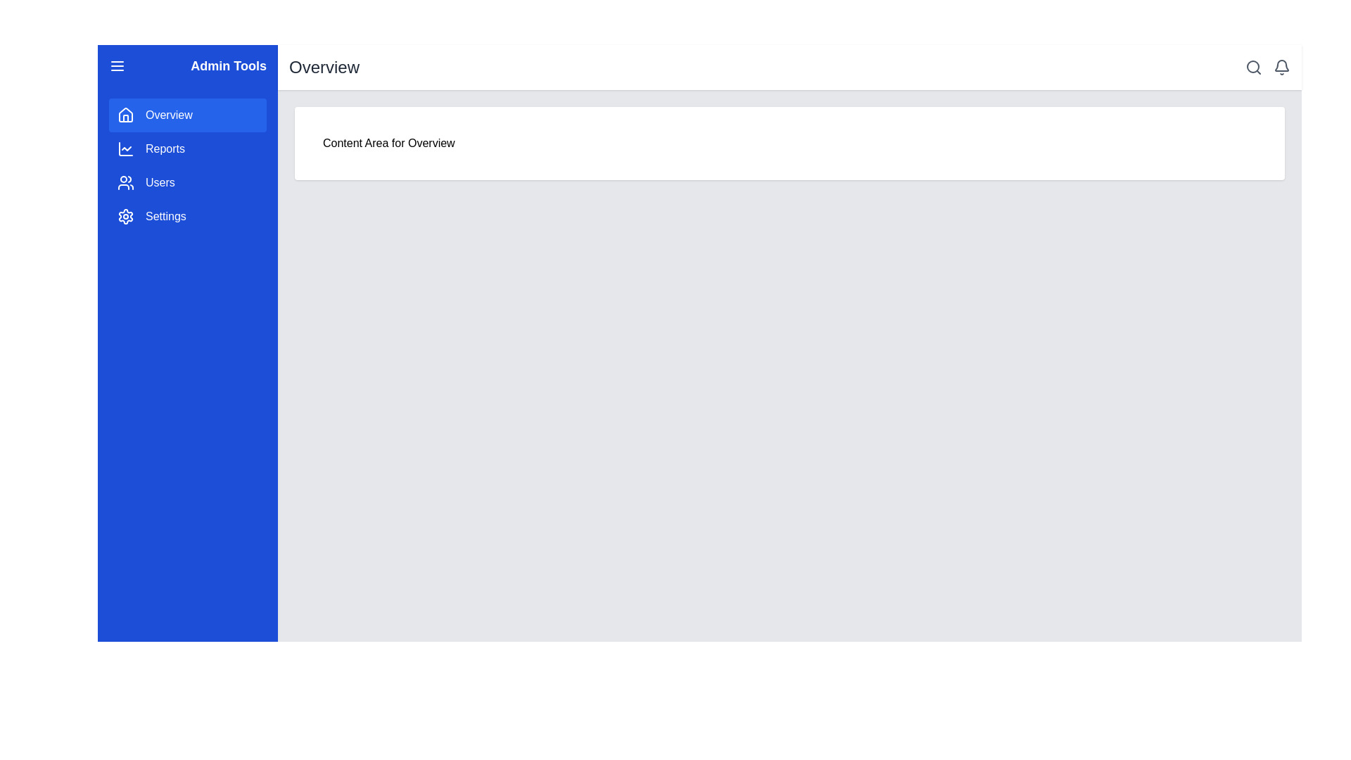 Image resolution: width=1351 pixels, height=760 pixels. What do you see at coordinates (125, 113) in the screenshot?
I see `the SVG icon representing the Overview section in the sidebar menu` at bounding box center [125, 113].